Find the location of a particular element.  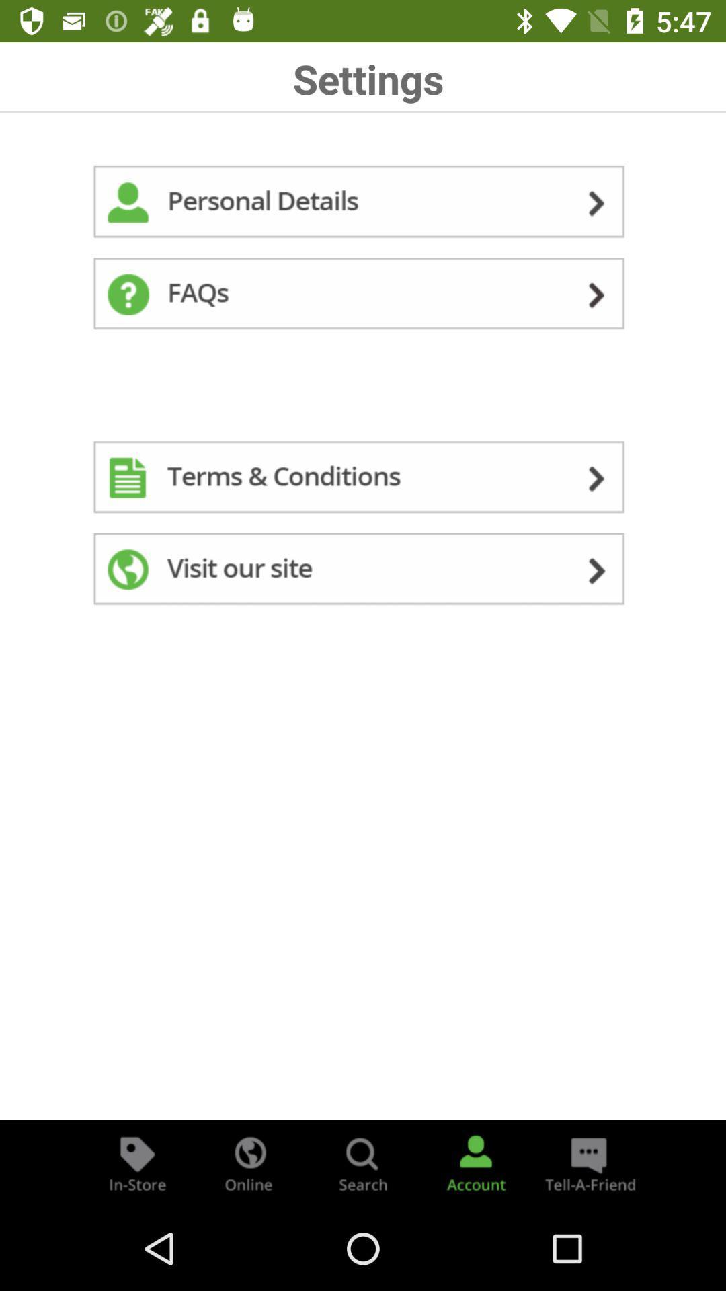

access frequently asked questions is located at coordinates (363, 296).